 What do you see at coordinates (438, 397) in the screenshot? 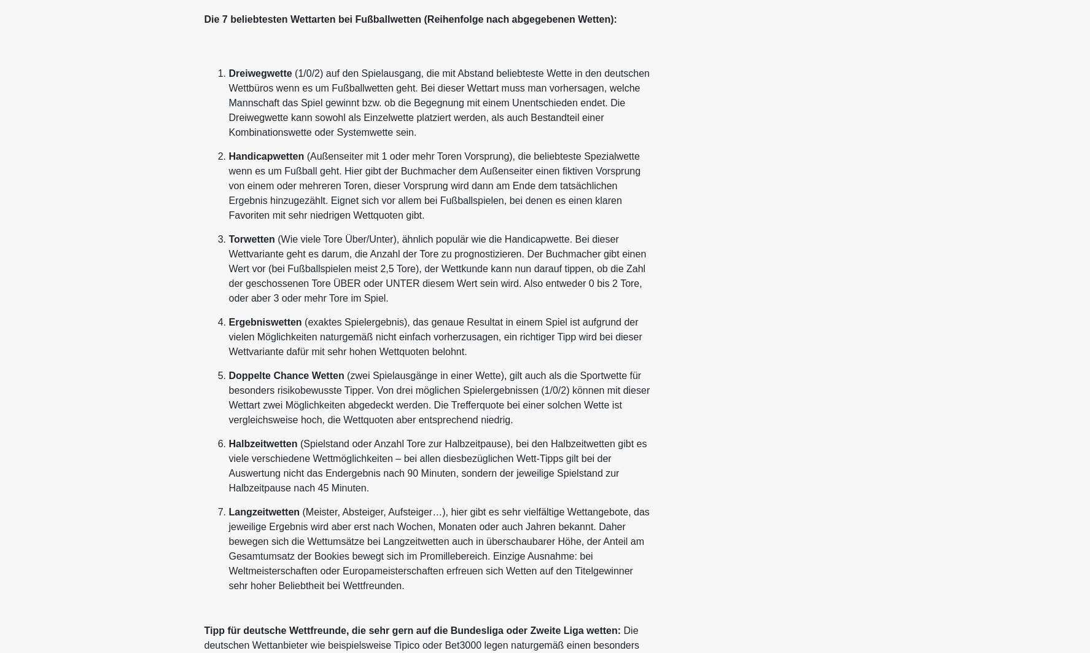
I see `'(zwei Spielausgänge in einer Wette), gilt auch als die Sportwette für besonders risikobewusste Tipper. Von drei möglichen Spielergebnissen (1/0/2) können mit dieser Wettart zwei Möglichkeiten abgedeckt werden. Die Trefferquote bei einer solchen Wette ist vergleichsweise hoch, die Wettquoten aber entsprechend niedrig.'` at bounding box center [438, 397].